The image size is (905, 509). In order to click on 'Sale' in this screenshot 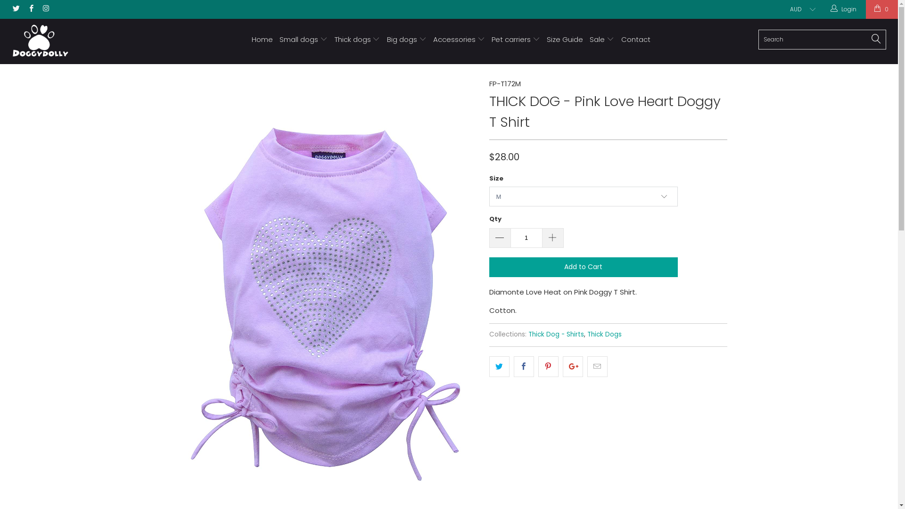, I will do `click(601, 39)`.